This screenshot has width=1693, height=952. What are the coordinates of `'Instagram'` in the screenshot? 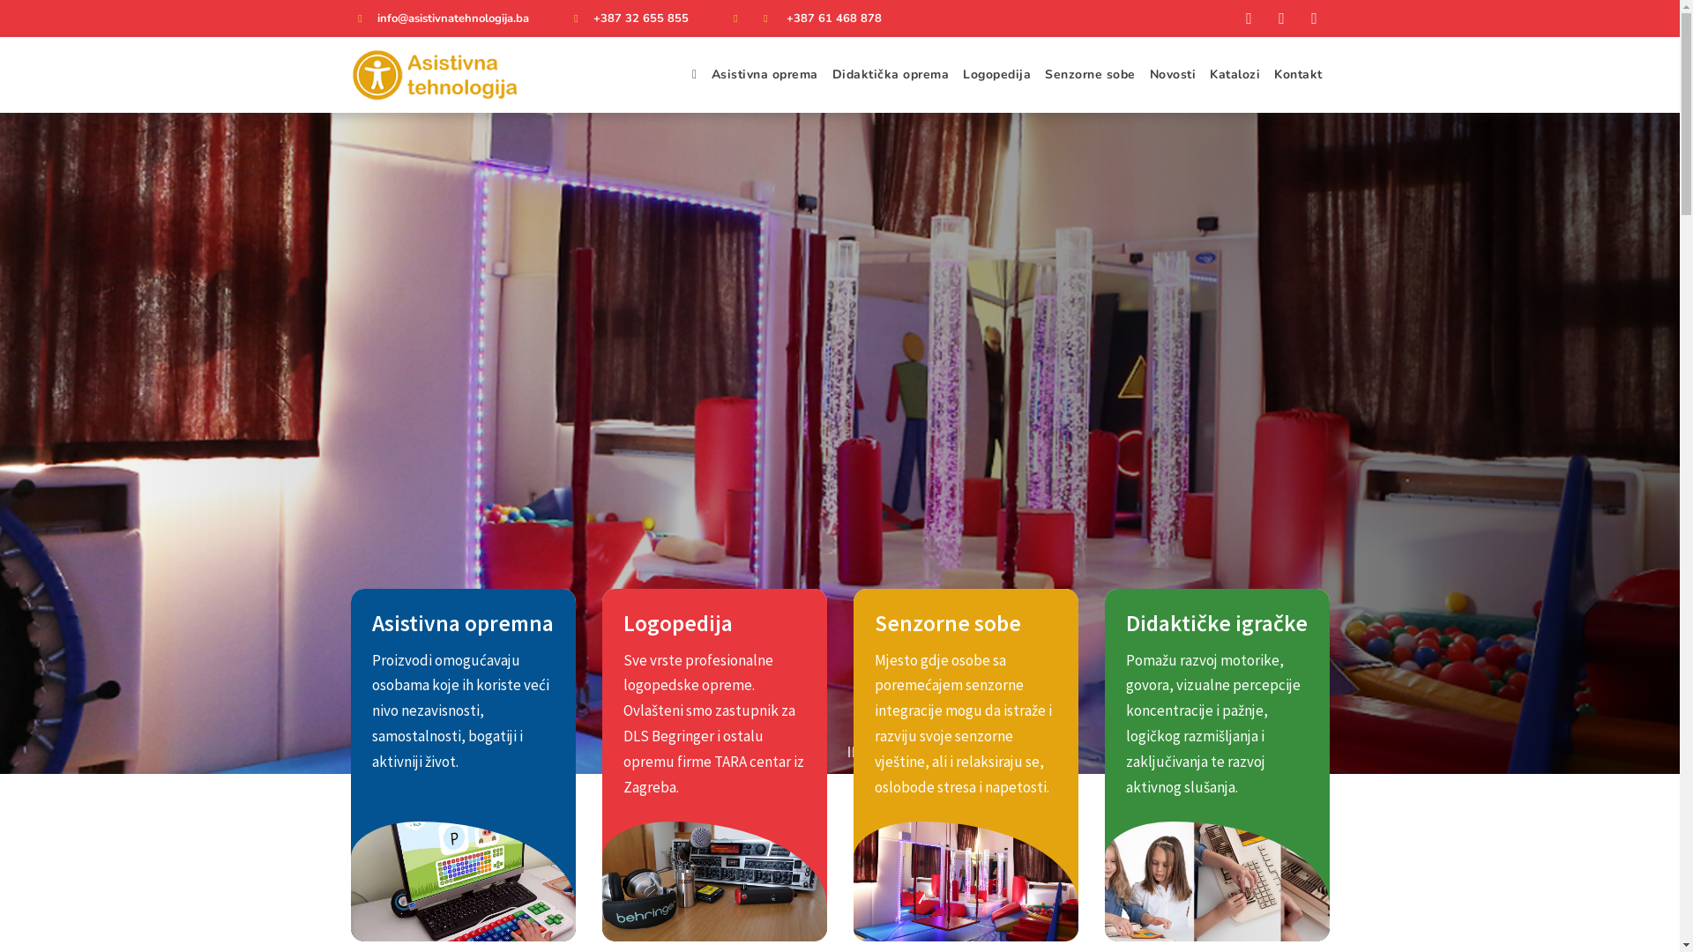 It's located at (1299, 18).